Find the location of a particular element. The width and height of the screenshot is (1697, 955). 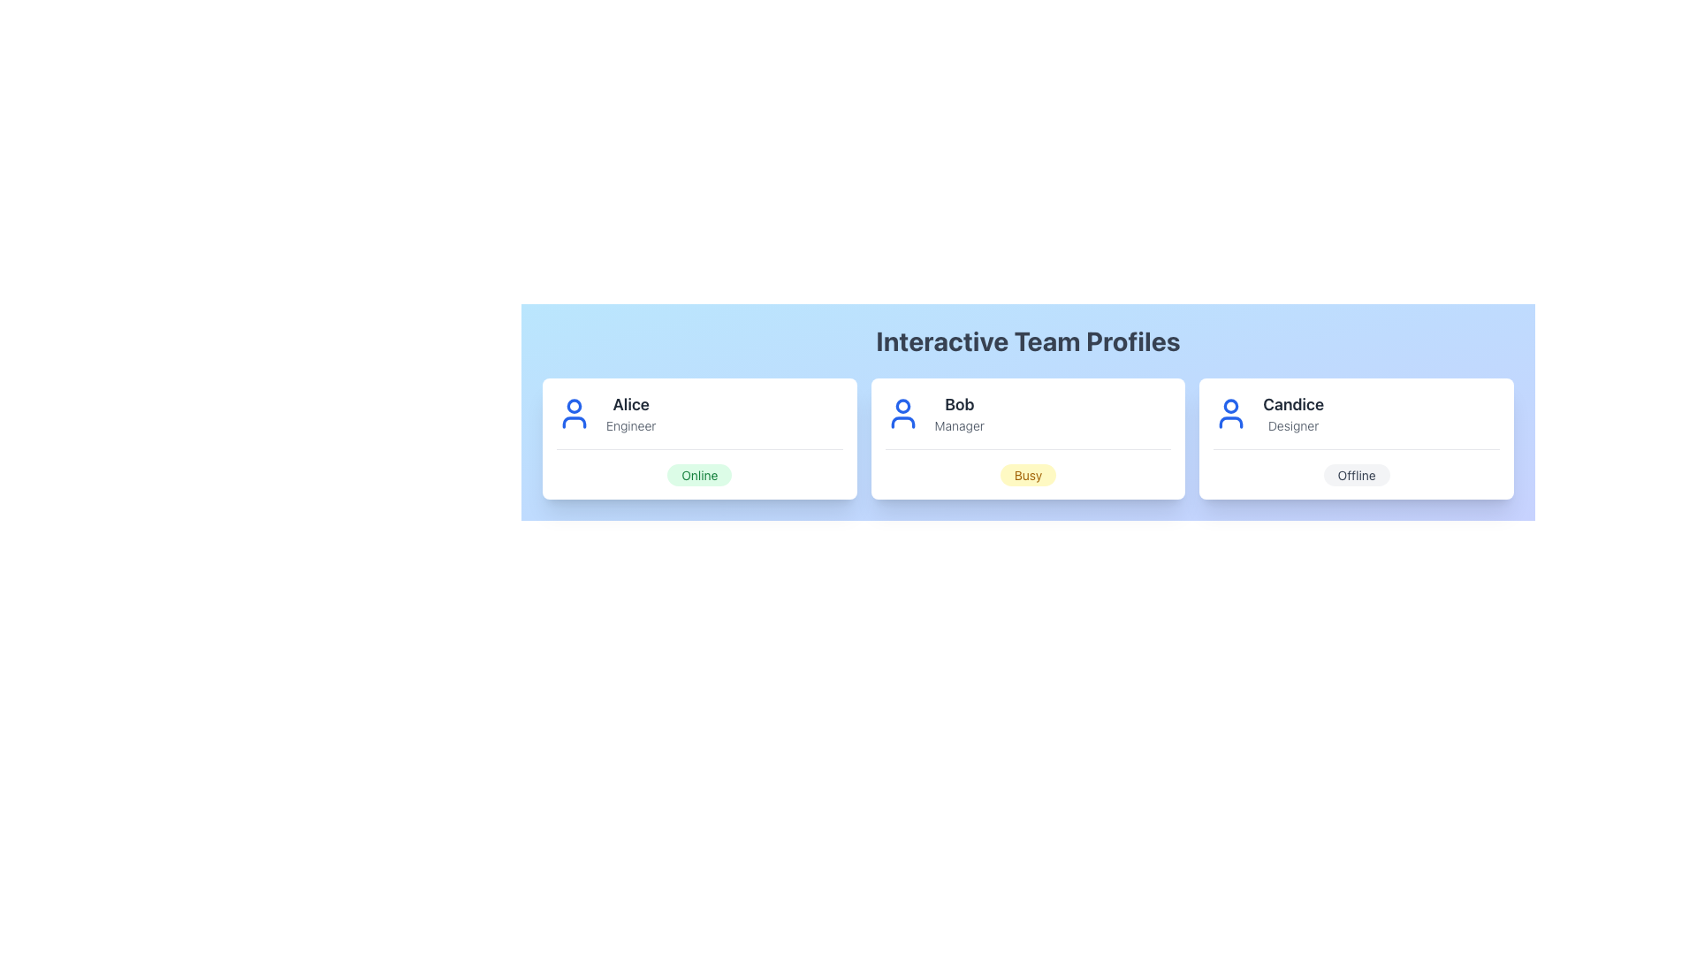

name displayed on the static text label showing 'Bob' at the top of the second profile card in a group of three cards is located at coordinates (958, 405).